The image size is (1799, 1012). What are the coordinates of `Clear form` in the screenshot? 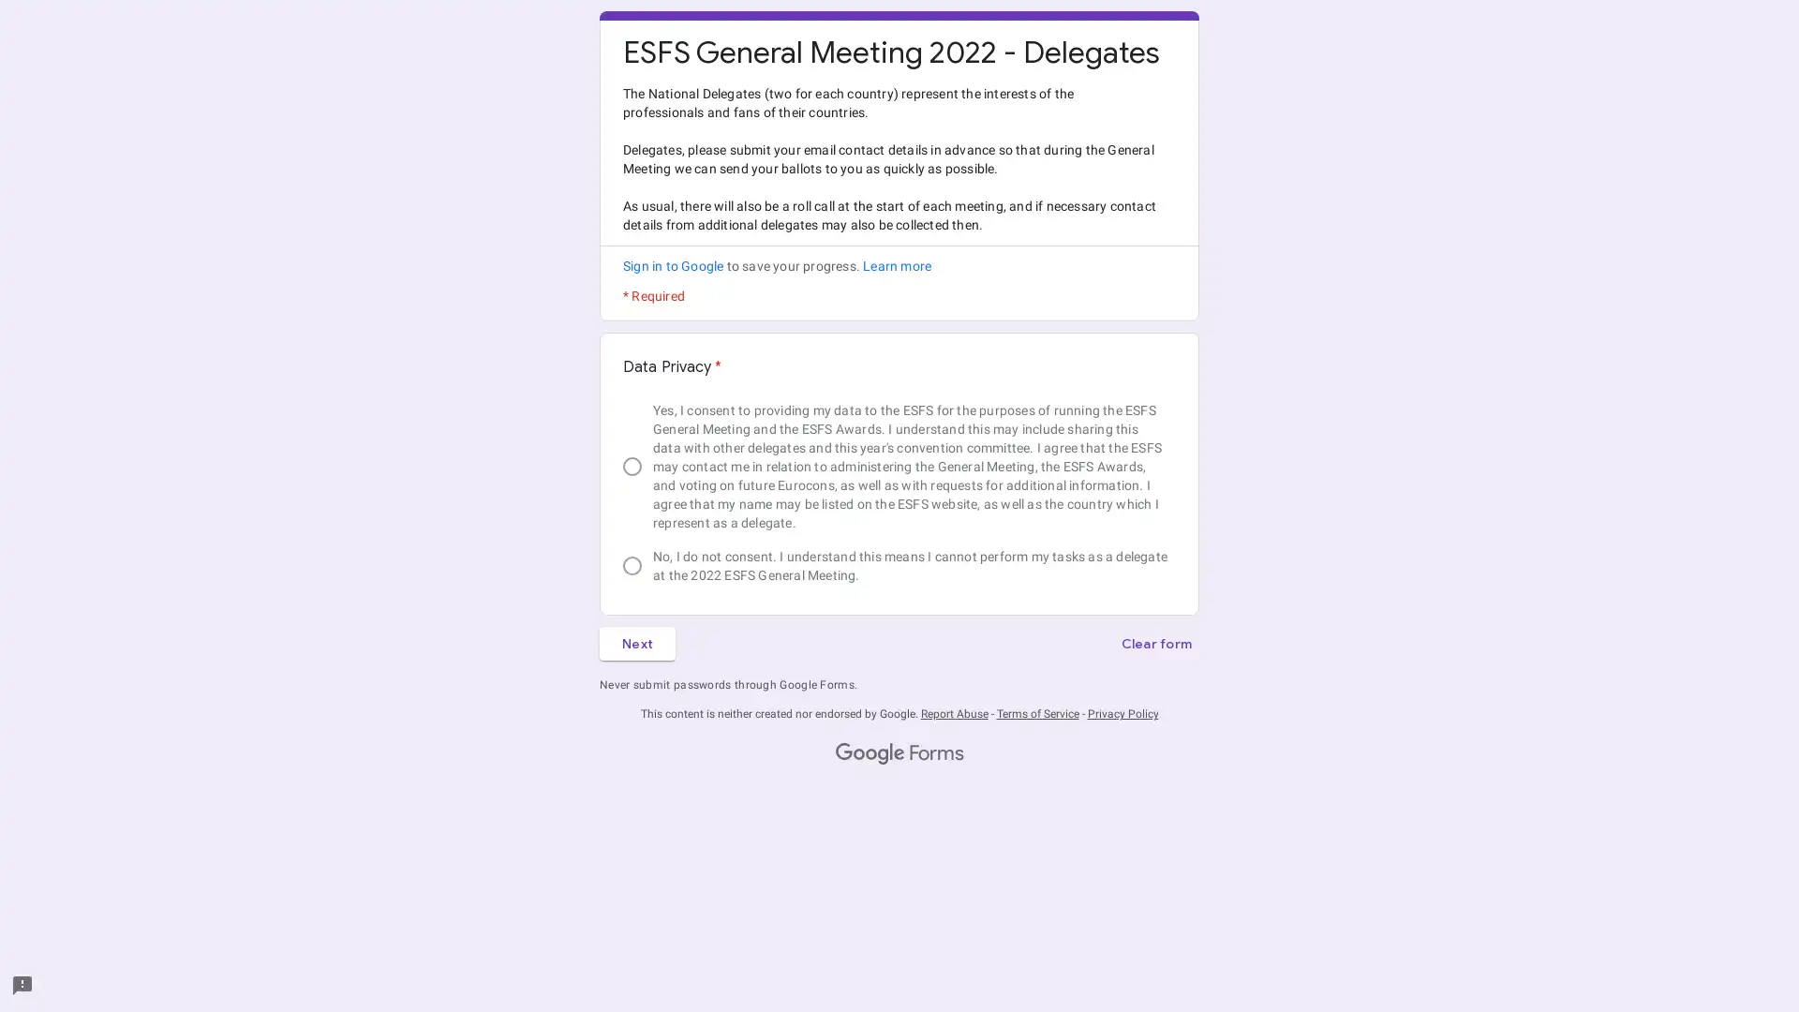 It's located at (1154, 642).